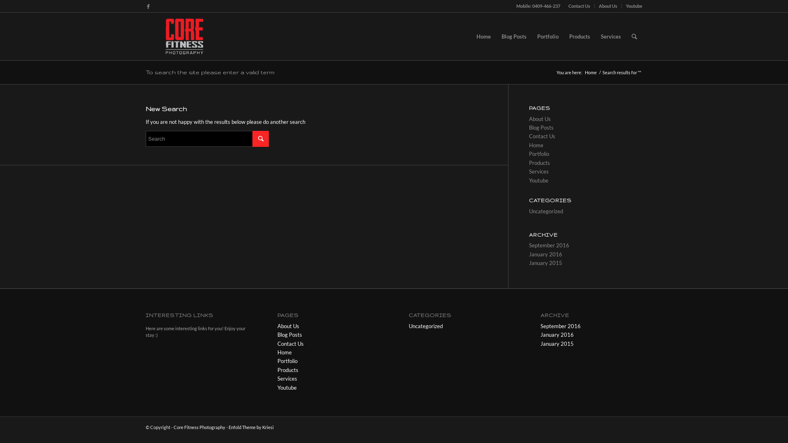 The width and height of the screenshot is (788, 443). What do you see at coordinates (148, 6) in the screenshot?
I see `'Facebook'` at bounding box center [148, 6].